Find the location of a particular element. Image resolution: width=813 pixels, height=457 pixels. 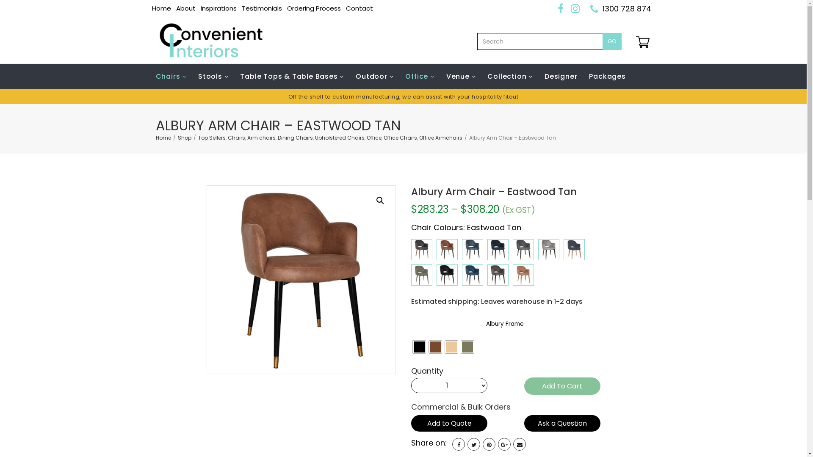

'Venue' is located at coordinates (461, 77).